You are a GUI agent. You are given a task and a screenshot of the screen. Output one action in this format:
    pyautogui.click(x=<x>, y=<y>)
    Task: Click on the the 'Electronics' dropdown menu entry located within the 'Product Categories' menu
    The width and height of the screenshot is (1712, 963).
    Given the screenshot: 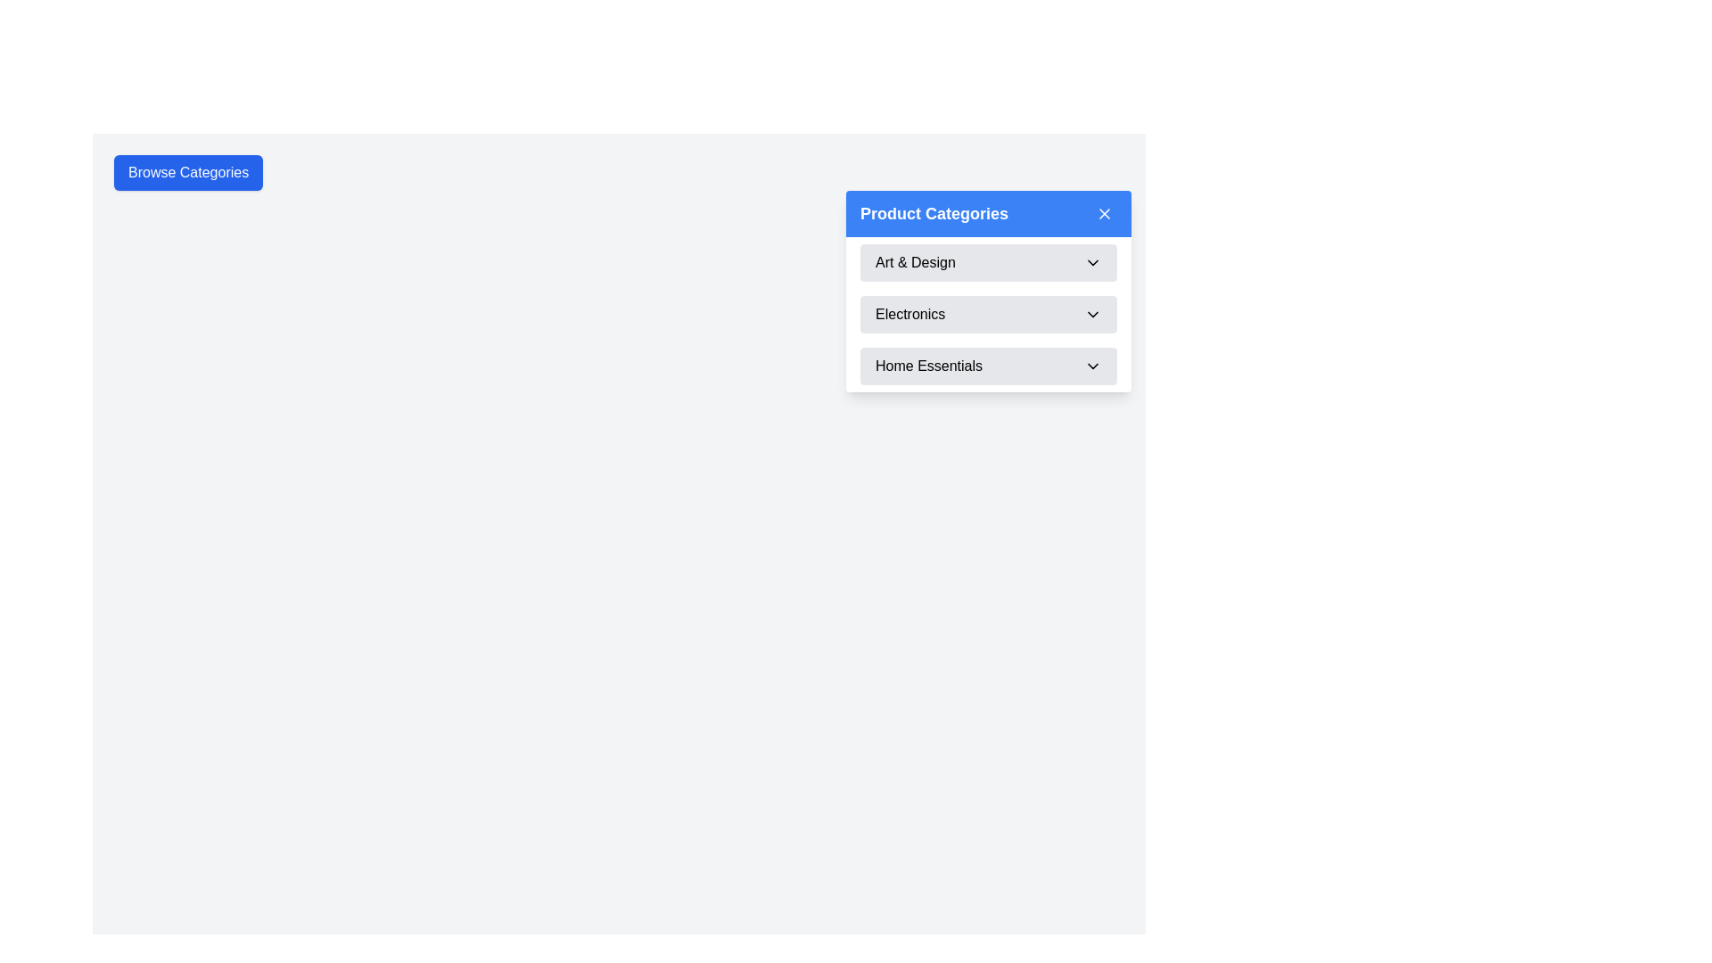 What is the action you would take?
    pyautogui.click(x=987, y=314)
    